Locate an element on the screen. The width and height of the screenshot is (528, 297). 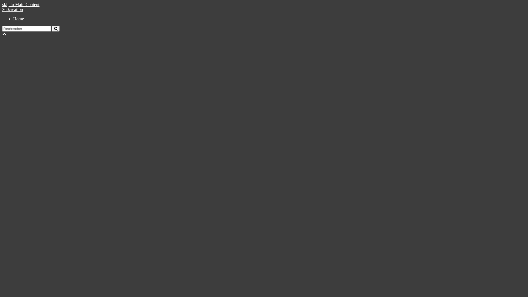
'skip to Main Content' is located at coordinates (21, 4).